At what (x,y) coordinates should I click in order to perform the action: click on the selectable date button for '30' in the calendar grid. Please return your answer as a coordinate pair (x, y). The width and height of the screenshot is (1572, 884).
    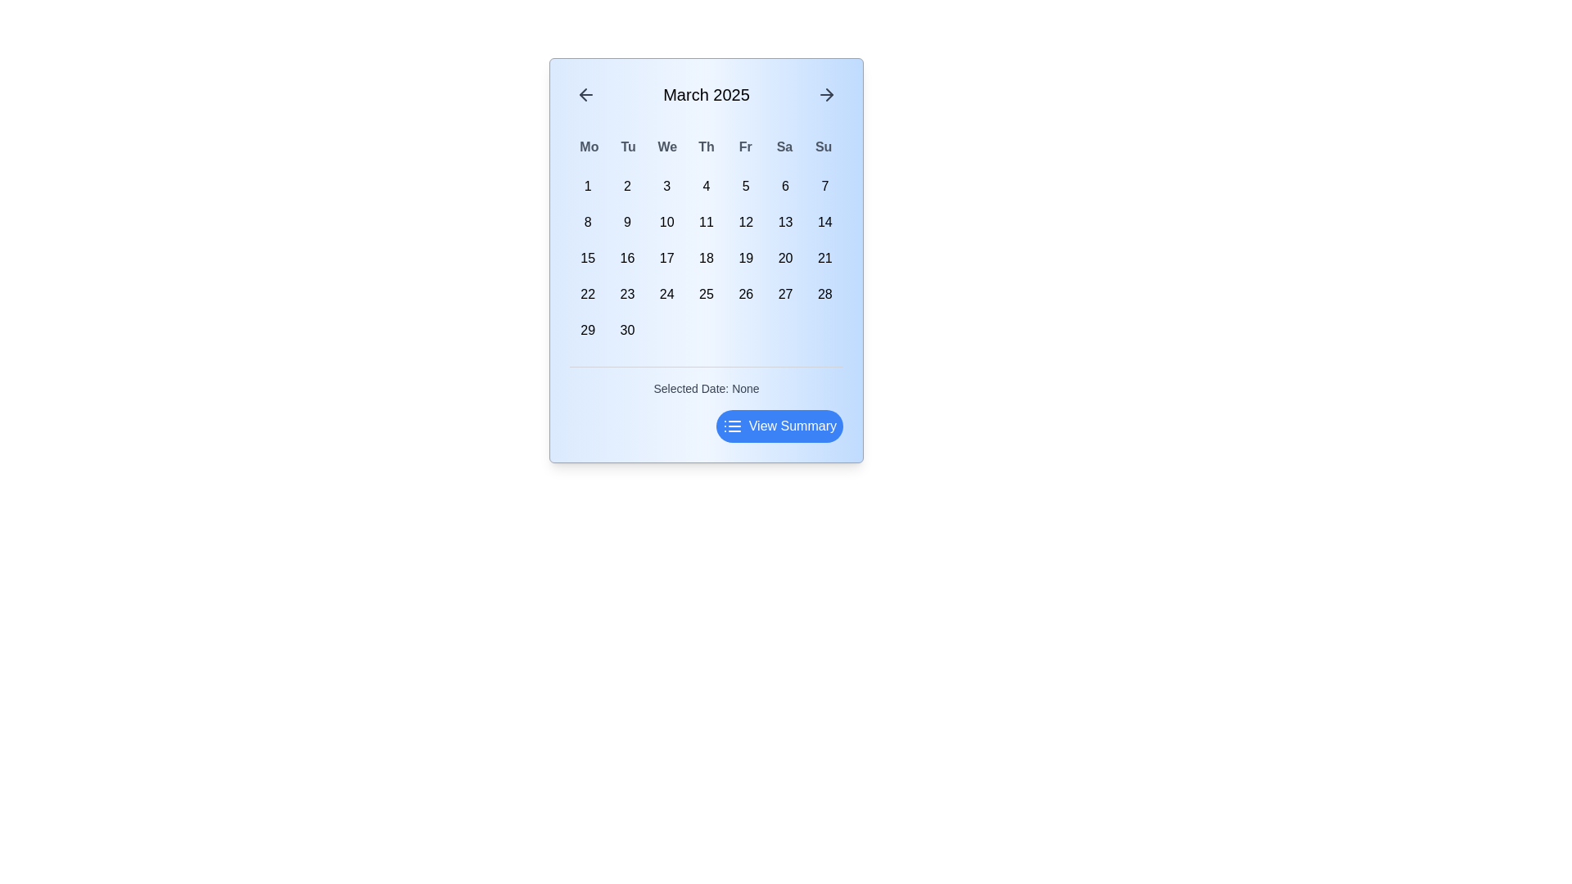
    Looking at the image, I should click on (626, 331).